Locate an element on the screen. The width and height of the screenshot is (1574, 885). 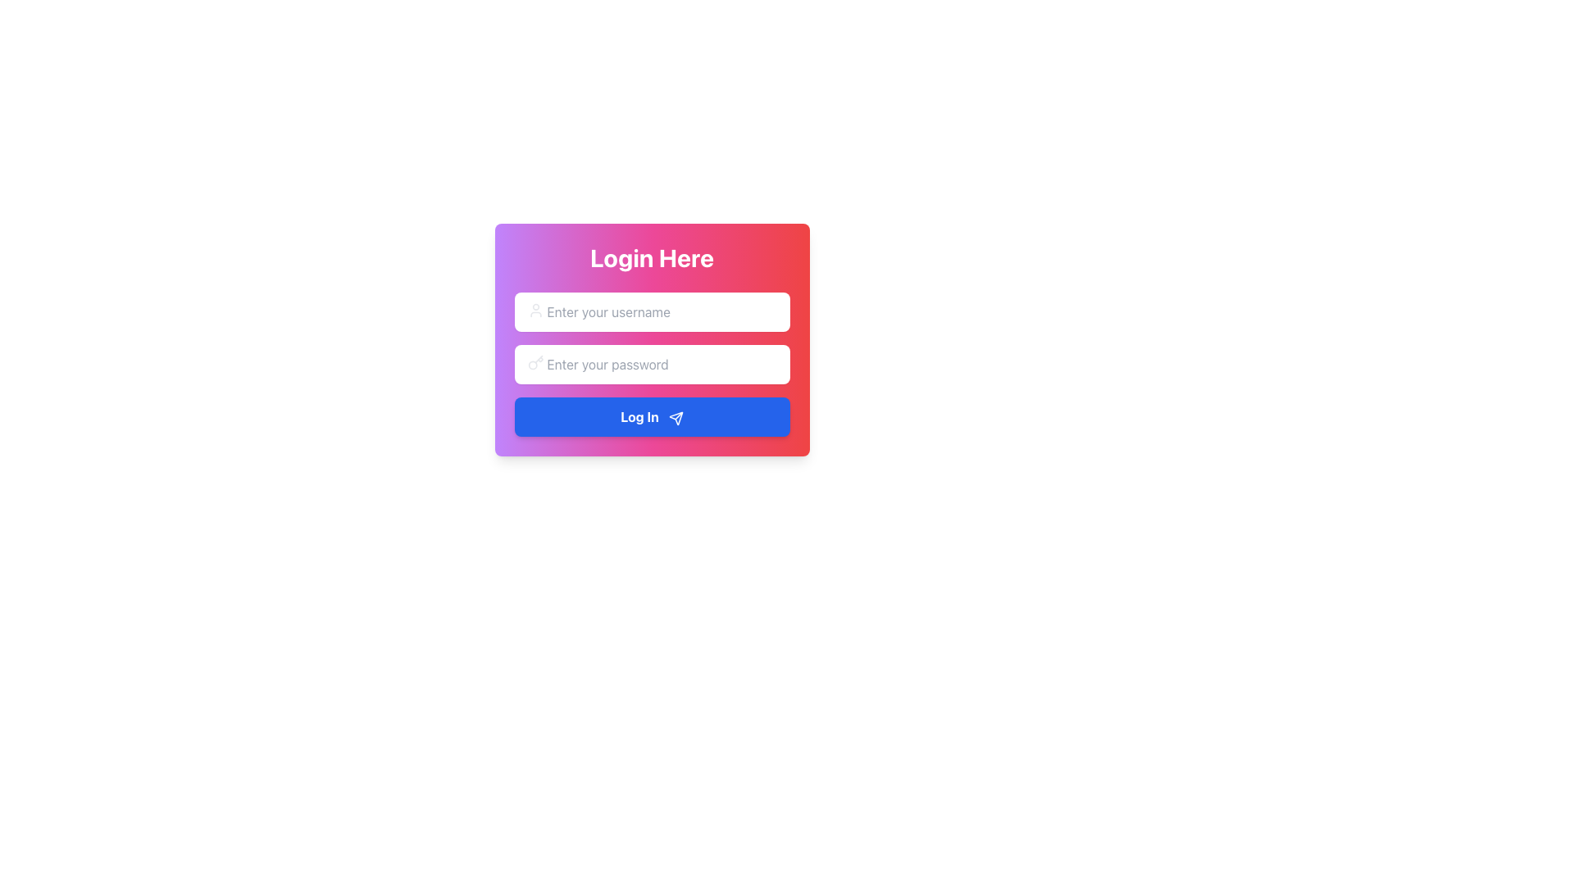
the appearance of the icon located at the center-right edge of the 'Log In' button, which is used to indicate the action of logging in or sending information is located at coordinates (676, 417).